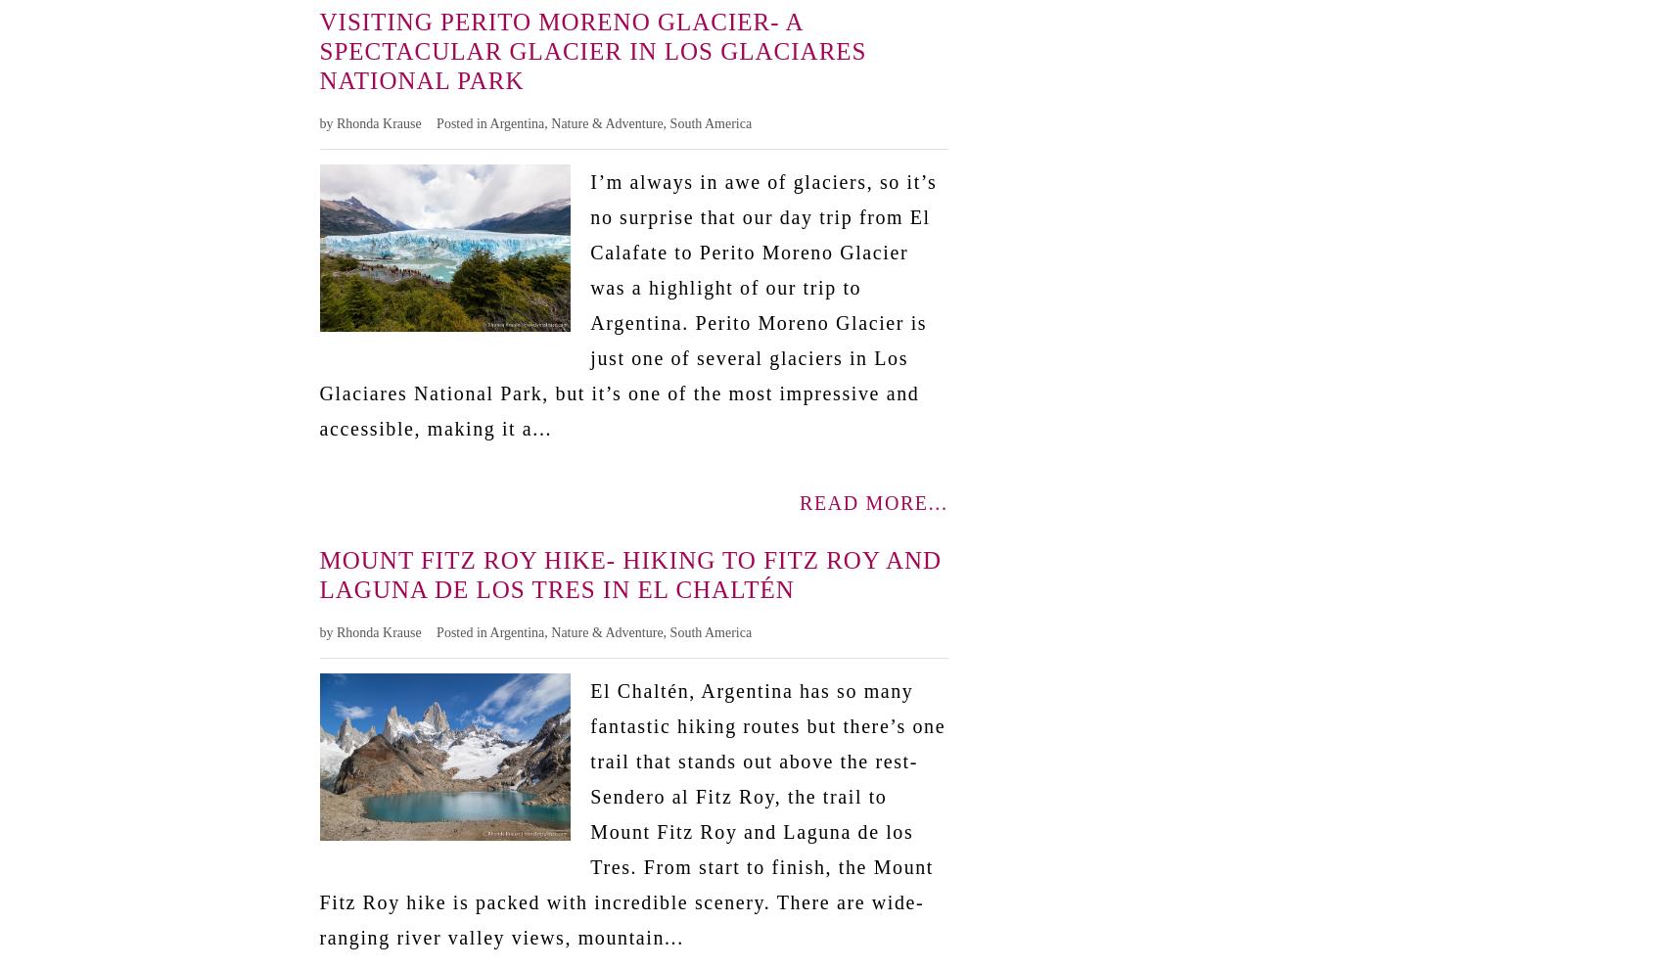  What do you see at coordinates (630, 812) in the screenshot?
I see `'El Chaltén, Argentina has so many fantastic hiking routes but there’s one trail that stands out above the rest- Sendero al Fitz Roy, the trail to Mount Fitz Roy and Laguna de los Tres. From start to finish, the Mount Fitz Roy hike is packed with incredible scenery. There are wide-ranging river valley views, mountain...'` at bounding box center [630, 812].